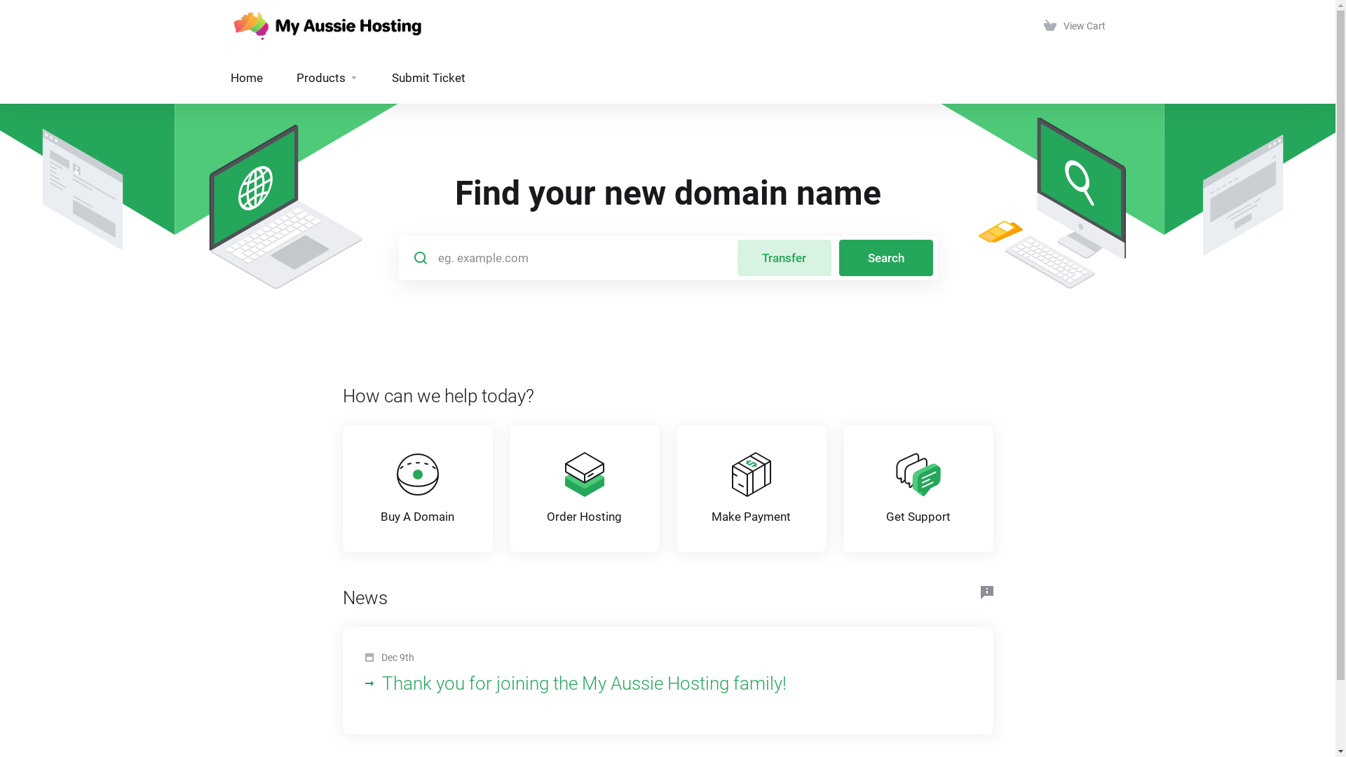 This screenshot has width=1346, height=757. Describe the element at coordinates (279, 78) in the screenshot. I see `'Products'` at that location.